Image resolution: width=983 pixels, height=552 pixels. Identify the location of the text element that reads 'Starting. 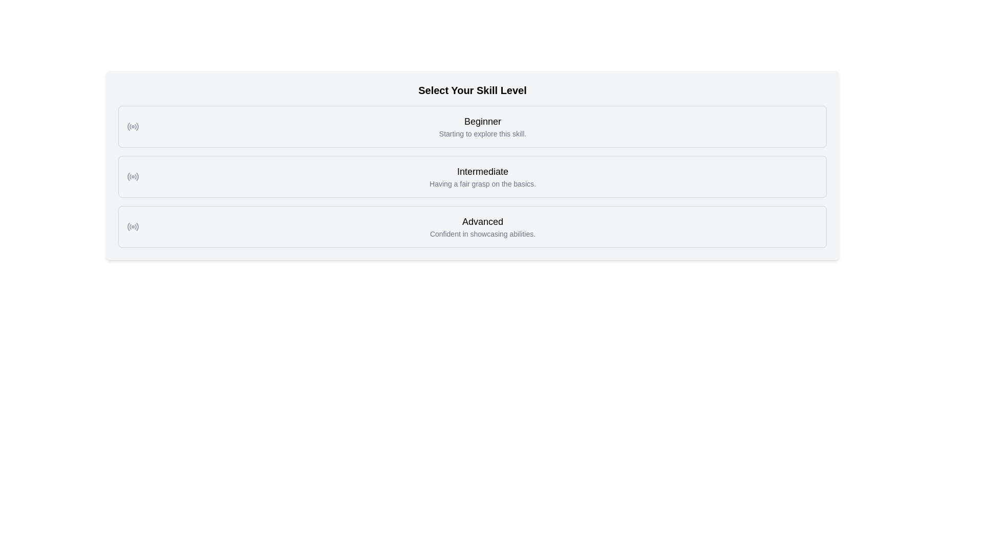
(482, 133).